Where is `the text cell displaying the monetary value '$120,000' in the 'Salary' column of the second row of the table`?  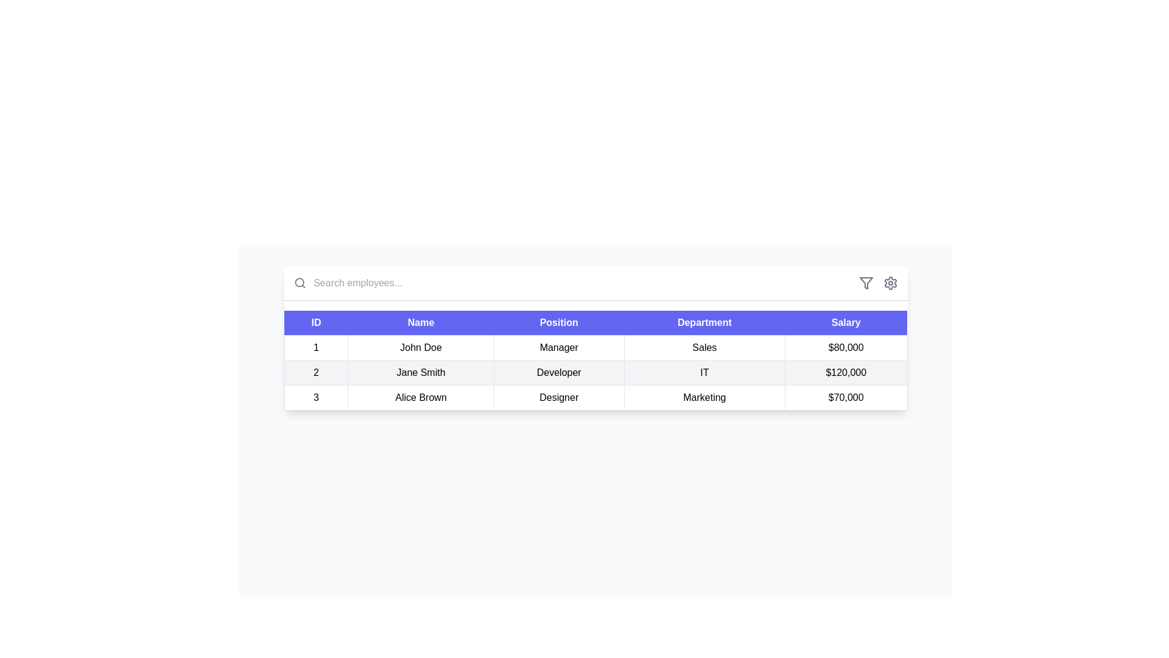 the text cell displaying the monetary value '$120,000' in the 'Salary' column of the second row of the table is located at coordinates (845, 372).